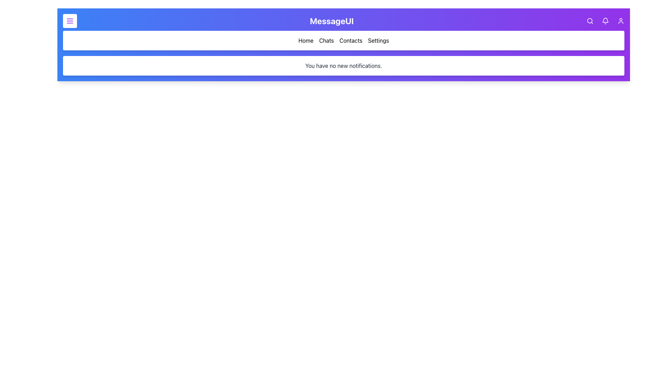  What do you see at coordinates (589, 21) in the screenshot?
I see `the magnifying glass icon button located in the top-right corner of the header bar to initiate a search` at bounding box center [589, 21].